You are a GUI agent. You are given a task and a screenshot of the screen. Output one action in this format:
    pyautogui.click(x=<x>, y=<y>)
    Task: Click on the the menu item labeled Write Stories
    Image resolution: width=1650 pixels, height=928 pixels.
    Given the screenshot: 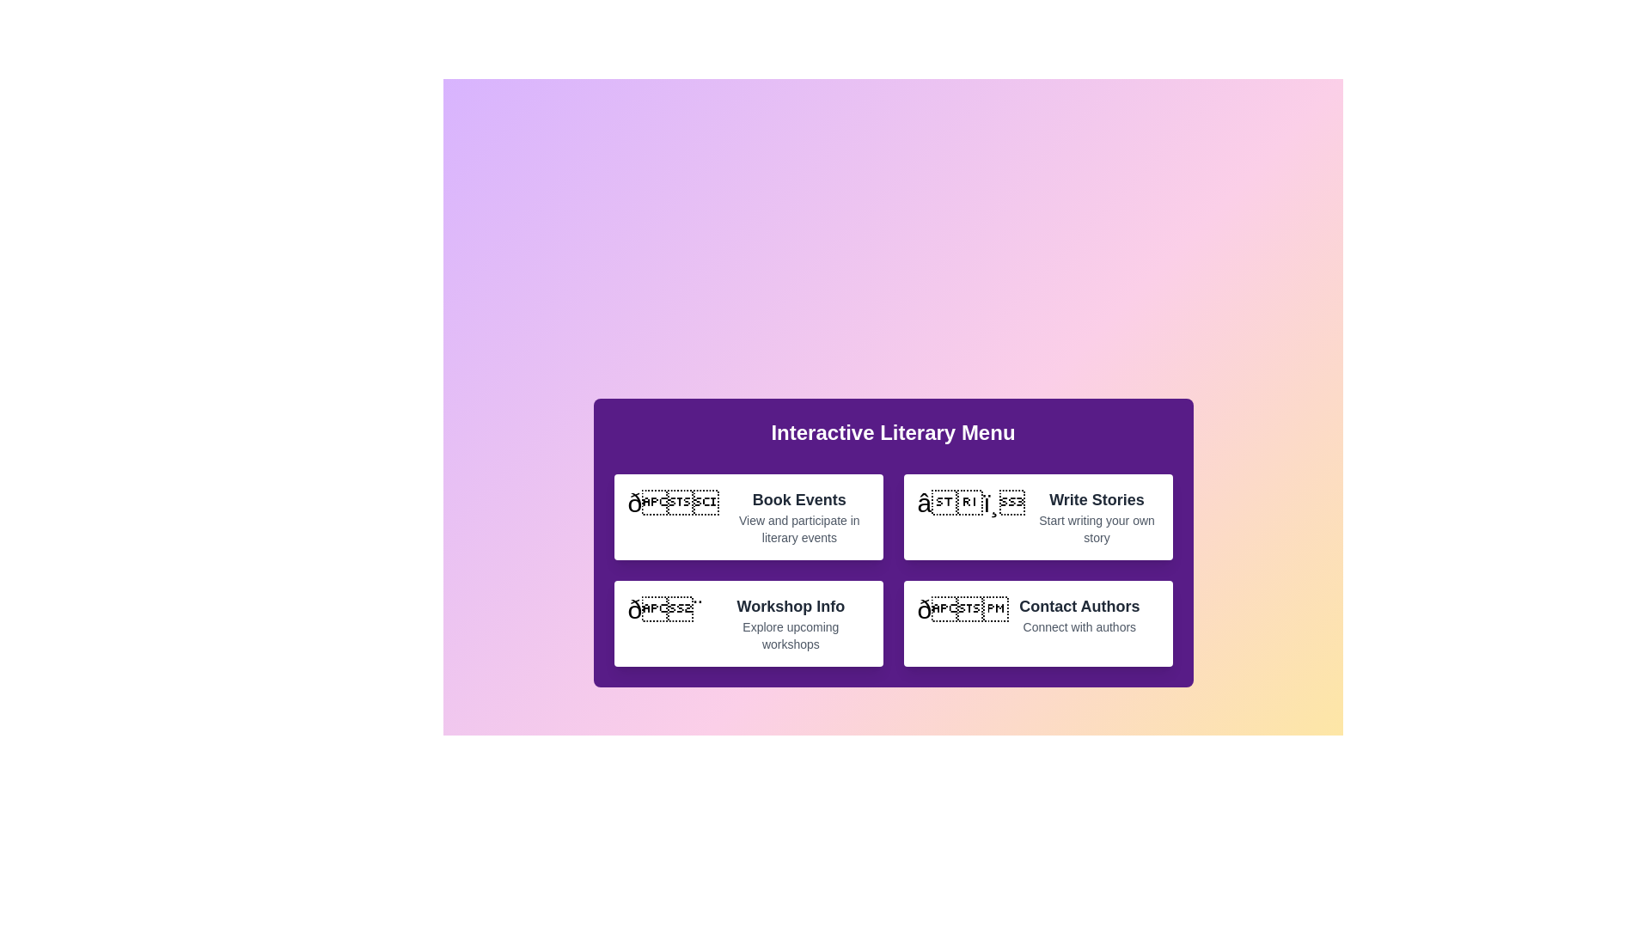 What is the action you would take?
    pyautogui.click(x=1037, y=516)
    